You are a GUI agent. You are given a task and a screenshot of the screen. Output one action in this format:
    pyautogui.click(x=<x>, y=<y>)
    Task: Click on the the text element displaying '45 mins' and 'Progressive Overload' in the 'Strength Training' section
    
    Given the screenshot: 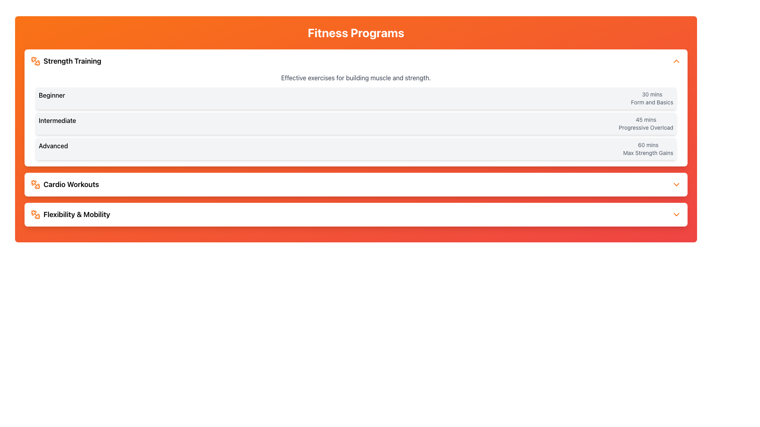 What is the action you would take?
    pyautogui.click(x=646, y=123)
    